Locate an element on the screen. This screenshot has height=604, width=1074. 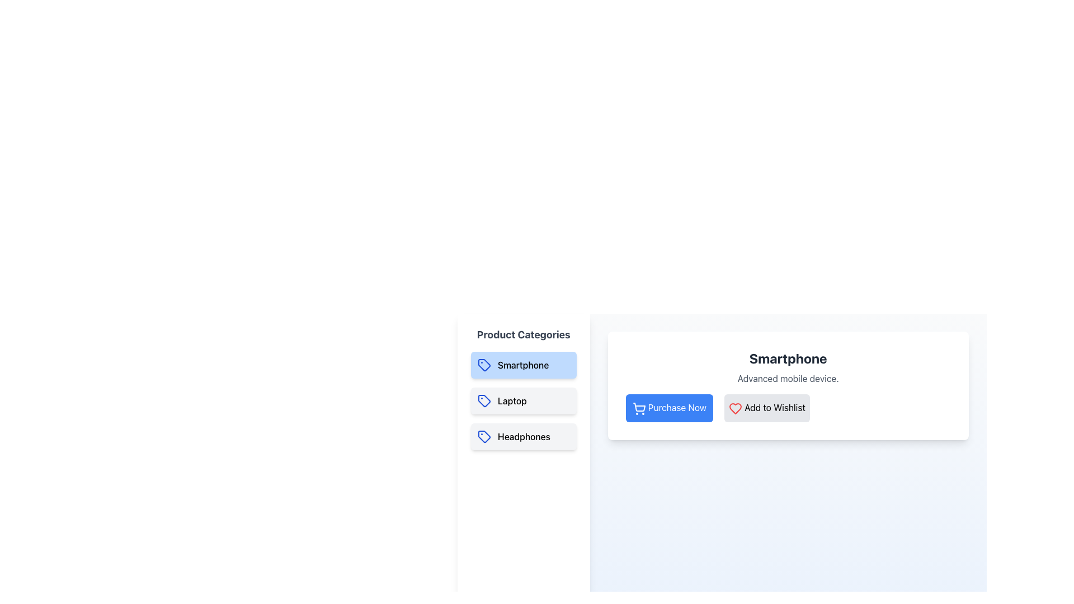
the icon within the 'Purchase Now' button located on the right side of the interface under the 'Smartphone' section is located at coordinates (639, 408).